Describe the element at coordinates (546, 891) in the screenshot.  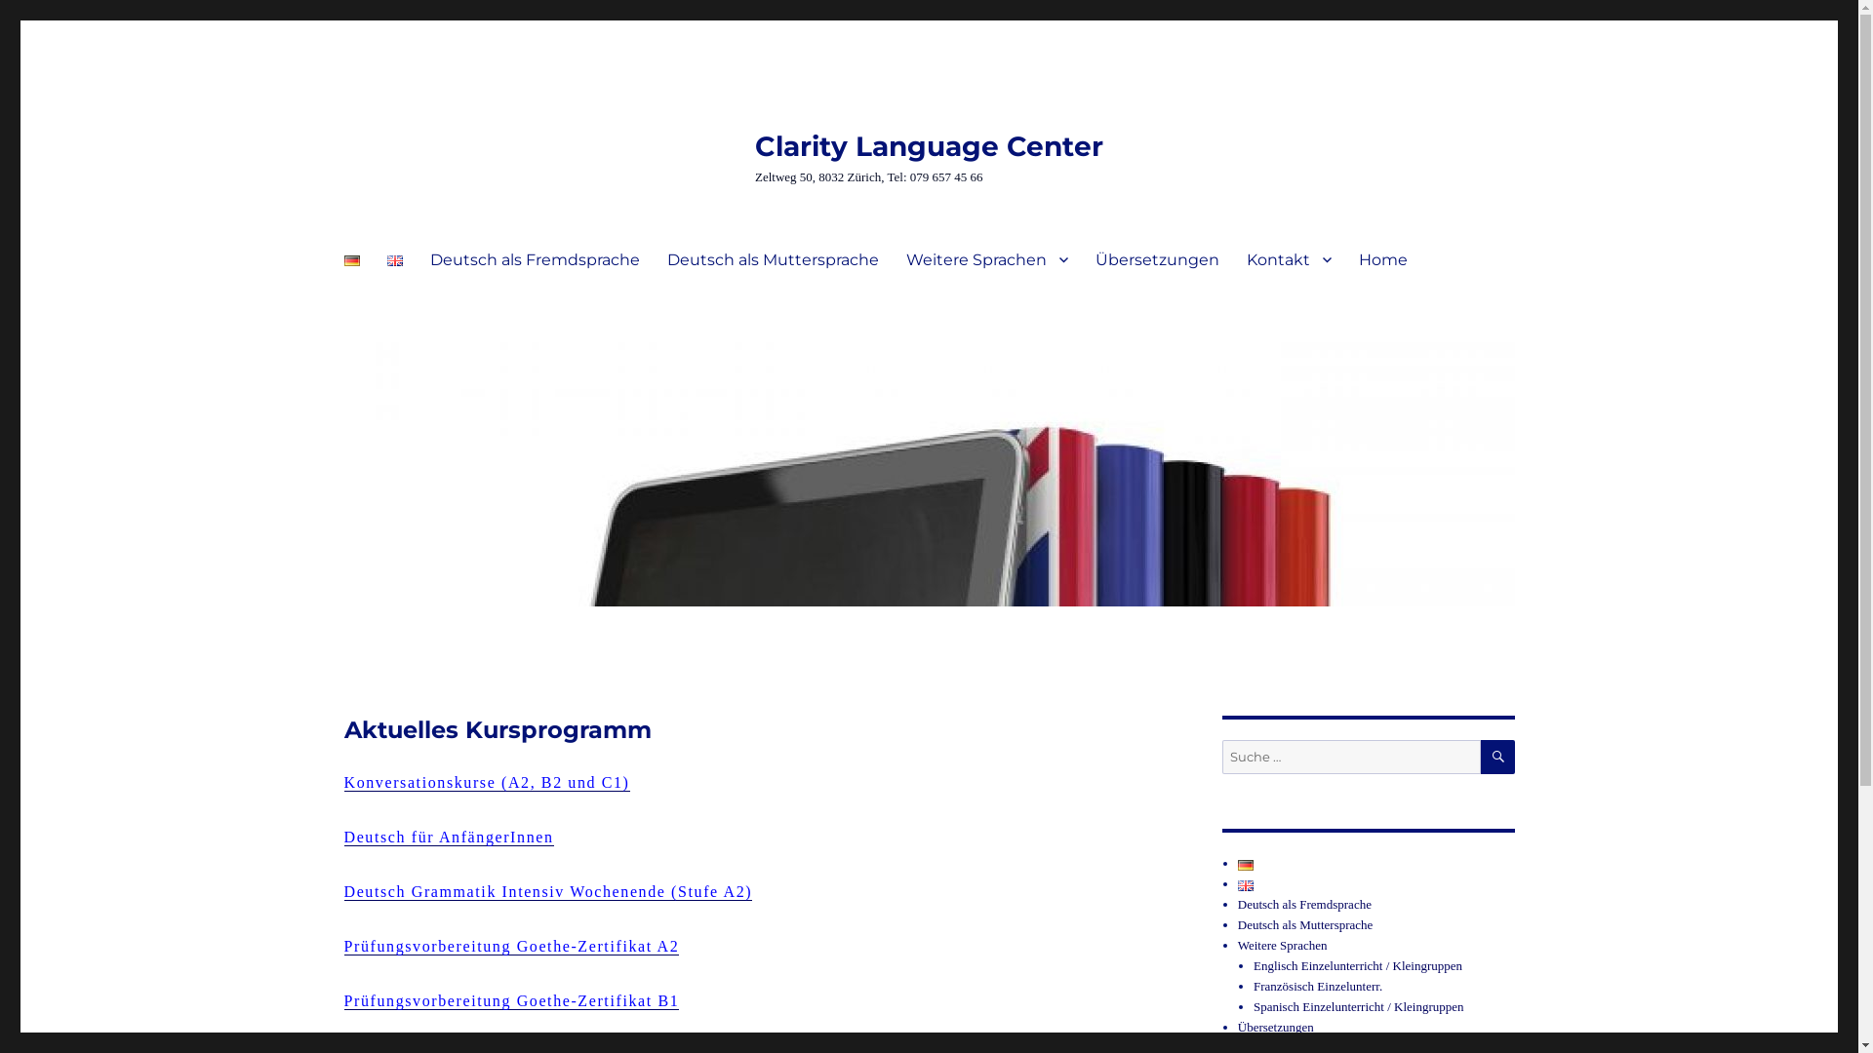
I see `'Deutsch Grammatik Intensiv Wochenende (Stufe A2)'` at that location.